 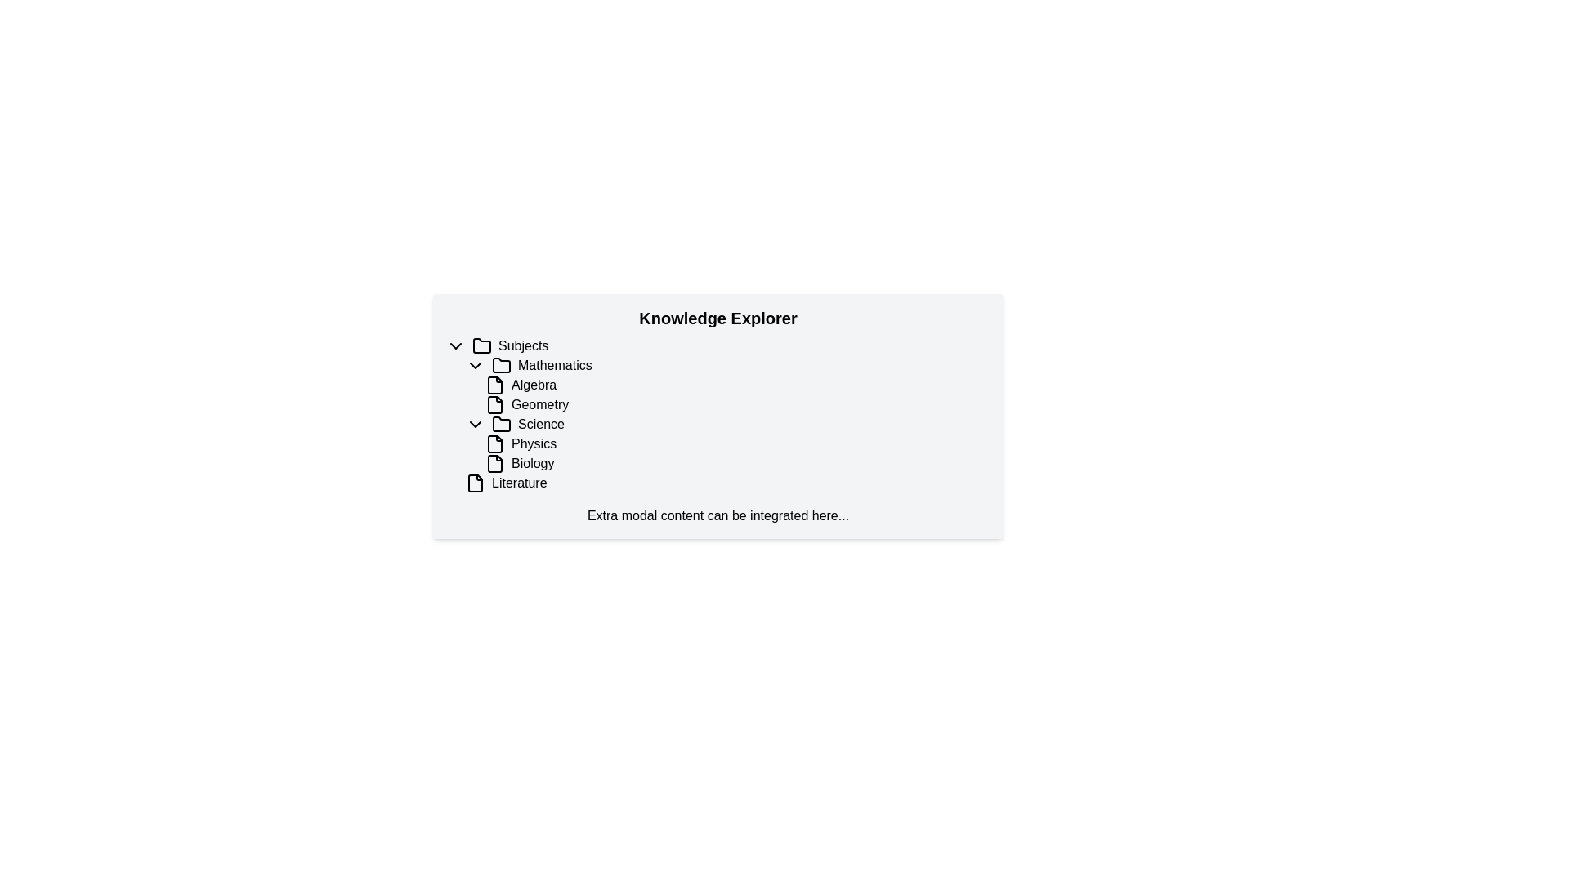 I want to click on the Folder icon located in the 'Science' category under the 'Knowledge Explorer' heading, which is designed to resemble an open folder with a thin black outline, so click(x=501, y=423).